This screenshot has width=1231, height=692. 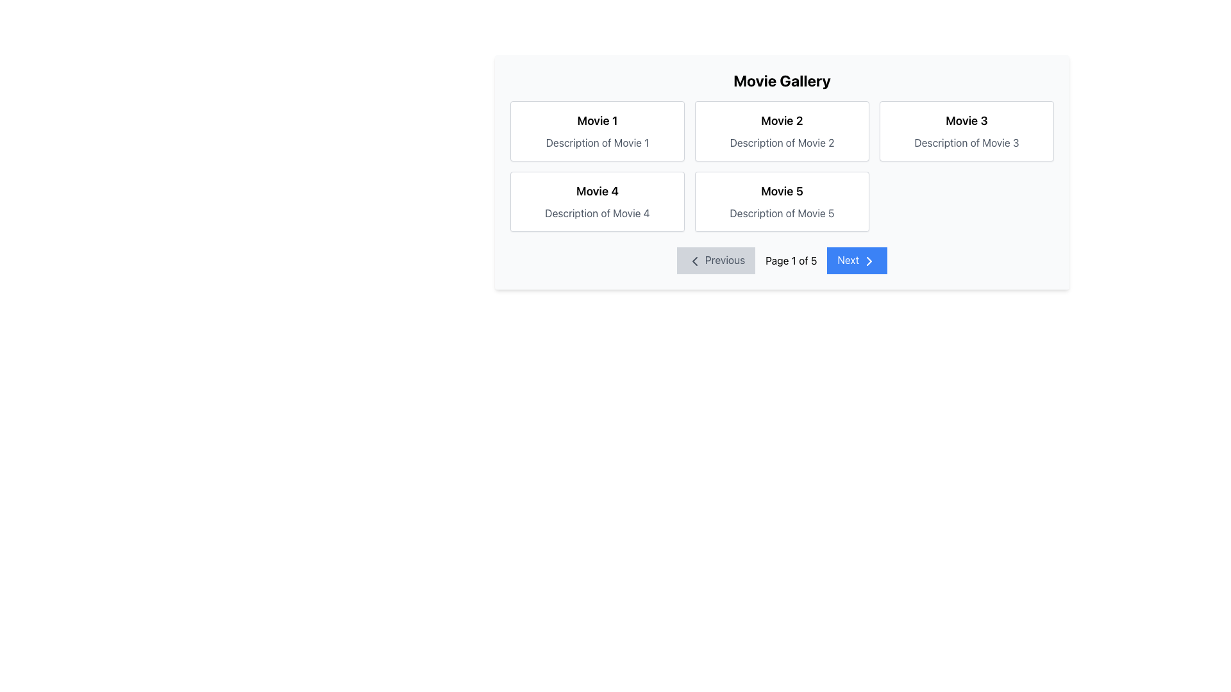 What do you see at coordinates (857, 259) in the screenshot?
I see `the navigation button located on the right side of the horizontal navigation bar at the bottom of the interface` at bounding box center [857, 259].